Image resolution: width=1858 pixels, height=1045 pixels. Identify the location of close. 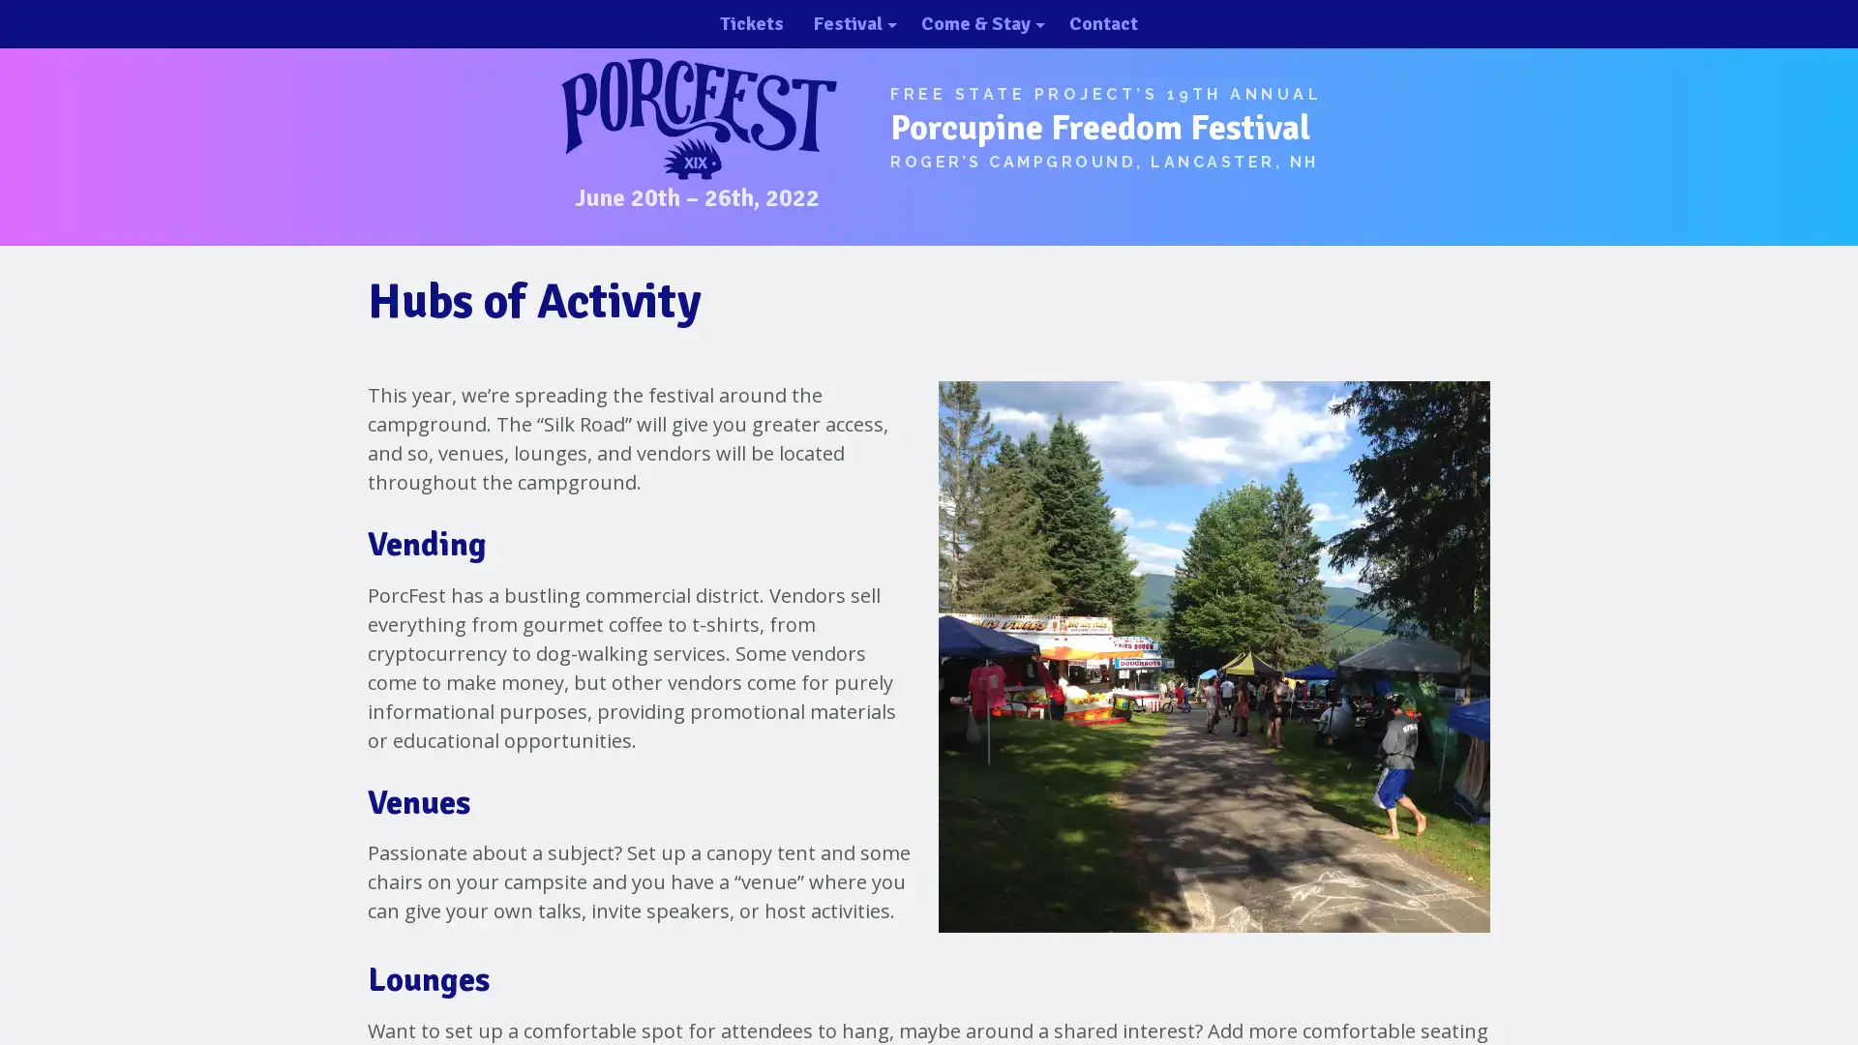
(1796, 77).